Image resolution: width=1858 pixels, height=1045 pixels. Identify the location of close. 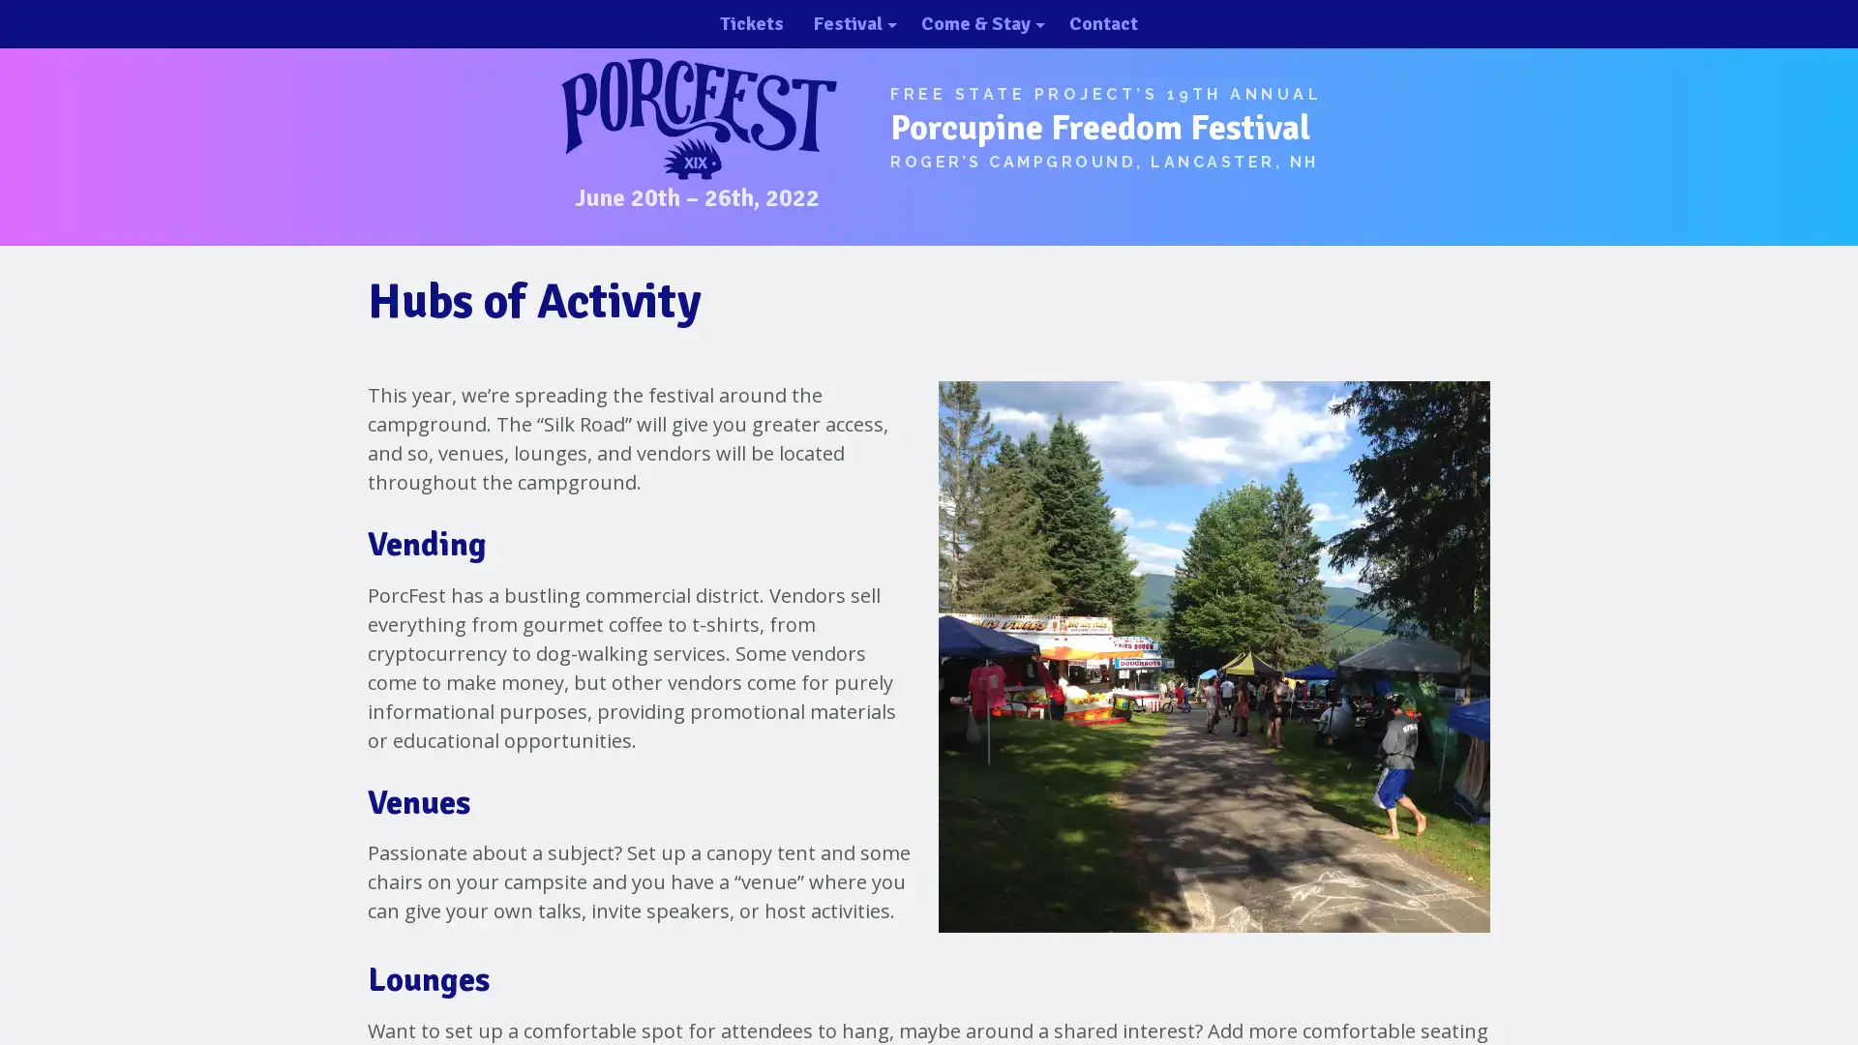
(1796, 77).